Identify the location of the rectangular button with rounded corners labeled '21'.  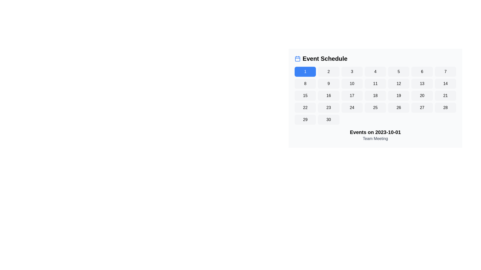
(445, 95).